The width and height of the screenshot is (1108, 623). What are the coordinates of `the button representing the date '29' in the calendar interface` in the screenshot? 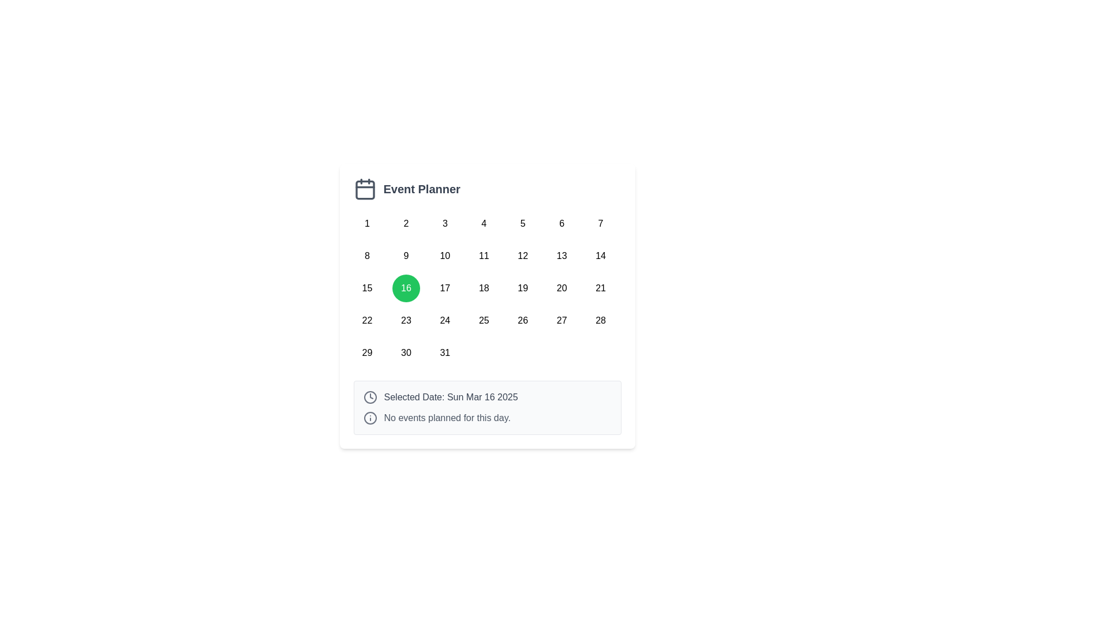 It's located at (366, 352).